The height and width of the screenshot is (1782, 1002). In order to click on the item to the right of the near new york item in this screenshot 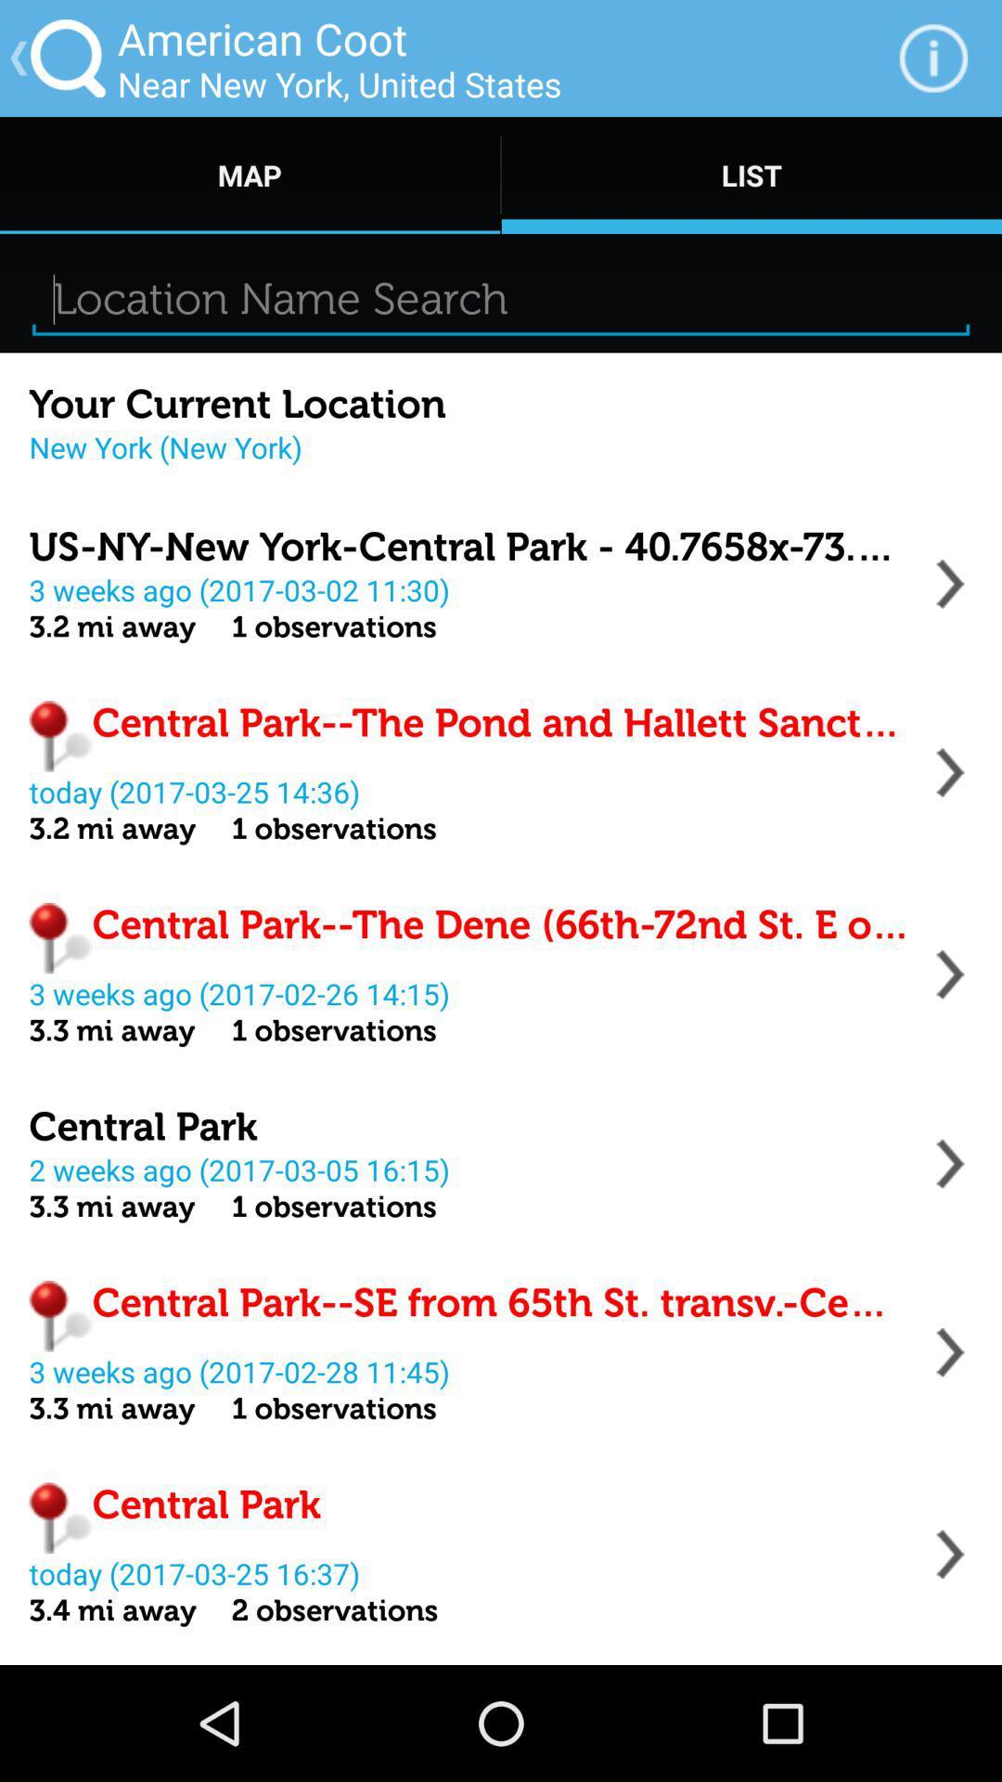, I will do `click(933, 58)`.